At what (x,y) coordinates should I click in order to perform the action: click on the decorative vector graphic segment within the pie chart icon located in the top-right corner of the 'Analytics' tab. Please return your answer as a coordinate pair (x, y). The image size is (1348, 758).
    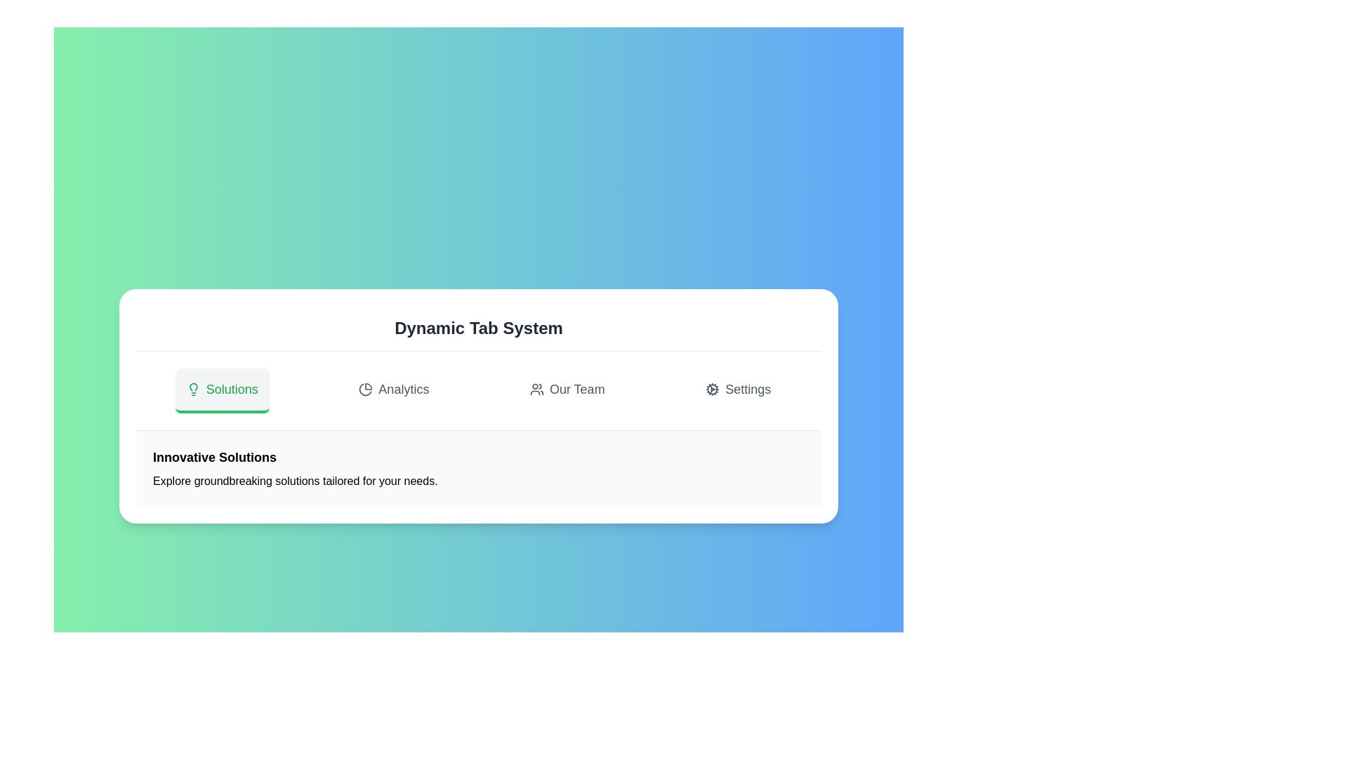
    Looking at the image, I should click on (366, 390).